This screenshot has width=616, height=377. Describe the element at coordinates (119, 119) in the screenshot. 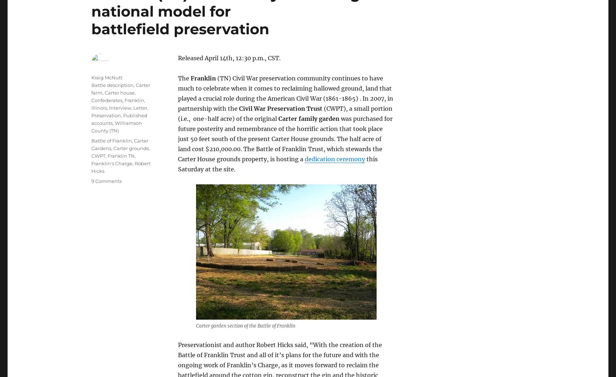

I see `'Published accounts'` at that location.